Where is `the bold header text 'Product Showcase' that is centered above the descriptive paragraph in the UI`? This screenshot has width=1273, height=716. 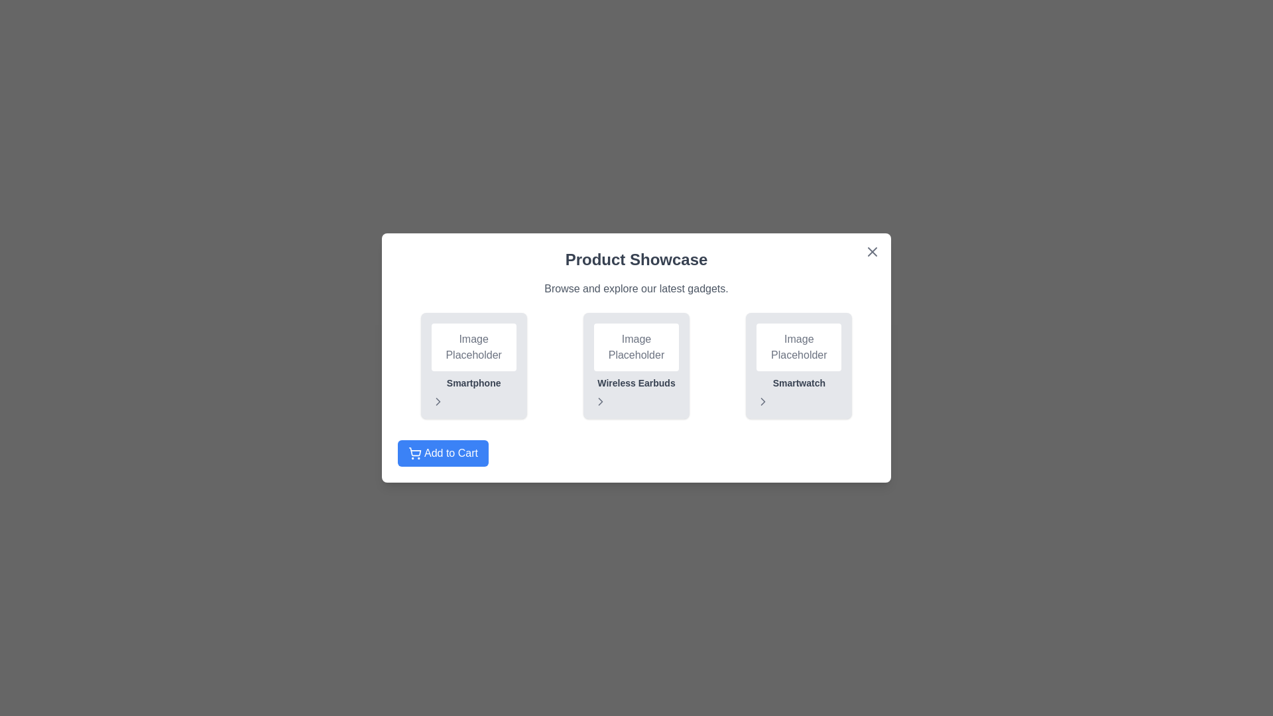
the bold header text 'Product Showcase' that is centered above the descriptive paragraph in the UI is located at coordinates (636, 260).